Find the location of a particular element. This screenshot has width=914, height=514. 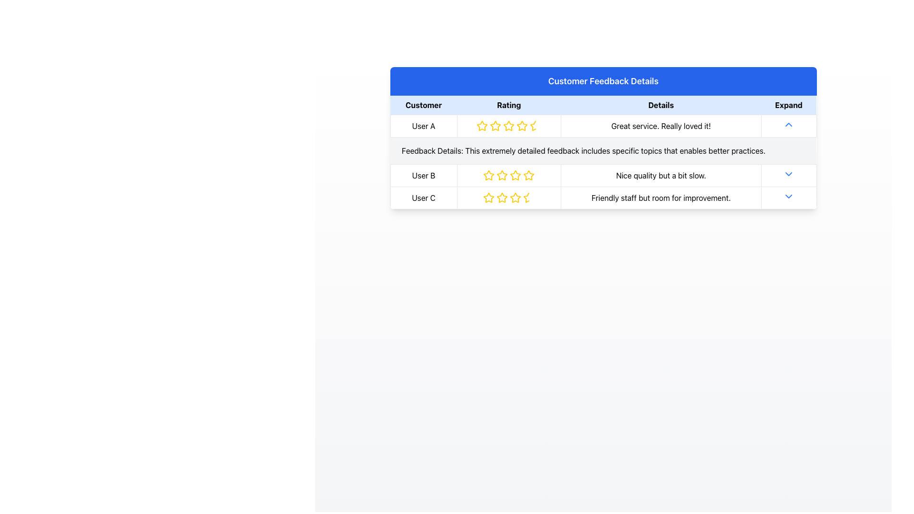

the rating display consisting of five yellow star icons located in the third row of the table, under the 'Rating' column, which is the second column from the left is located at coordinates (508, 198).